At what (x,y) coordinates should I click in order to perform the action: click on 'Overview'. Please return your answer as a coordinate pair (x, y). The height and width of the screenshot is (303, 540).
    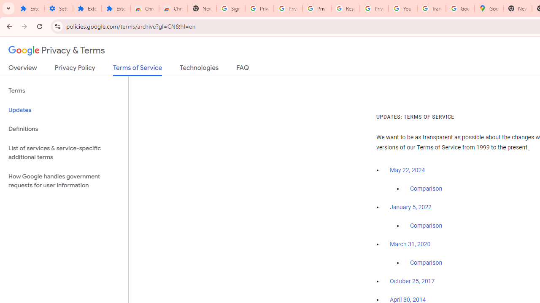
    Looking at the image, I should click on (23, 69).